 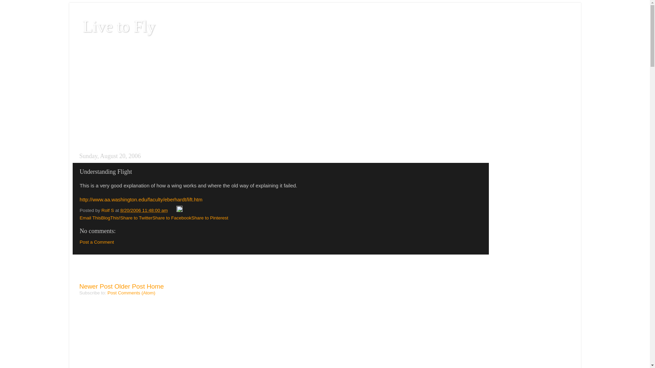 I want to click on 'Share to Twitter', so click(x=136, y=218).